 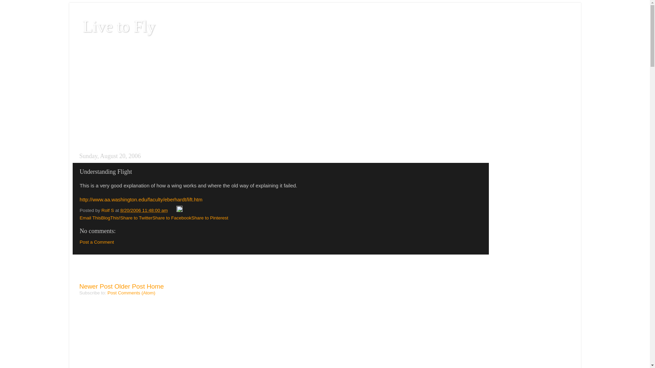 I want to click on 'Share to Twitter', so click(x=136, y=218).